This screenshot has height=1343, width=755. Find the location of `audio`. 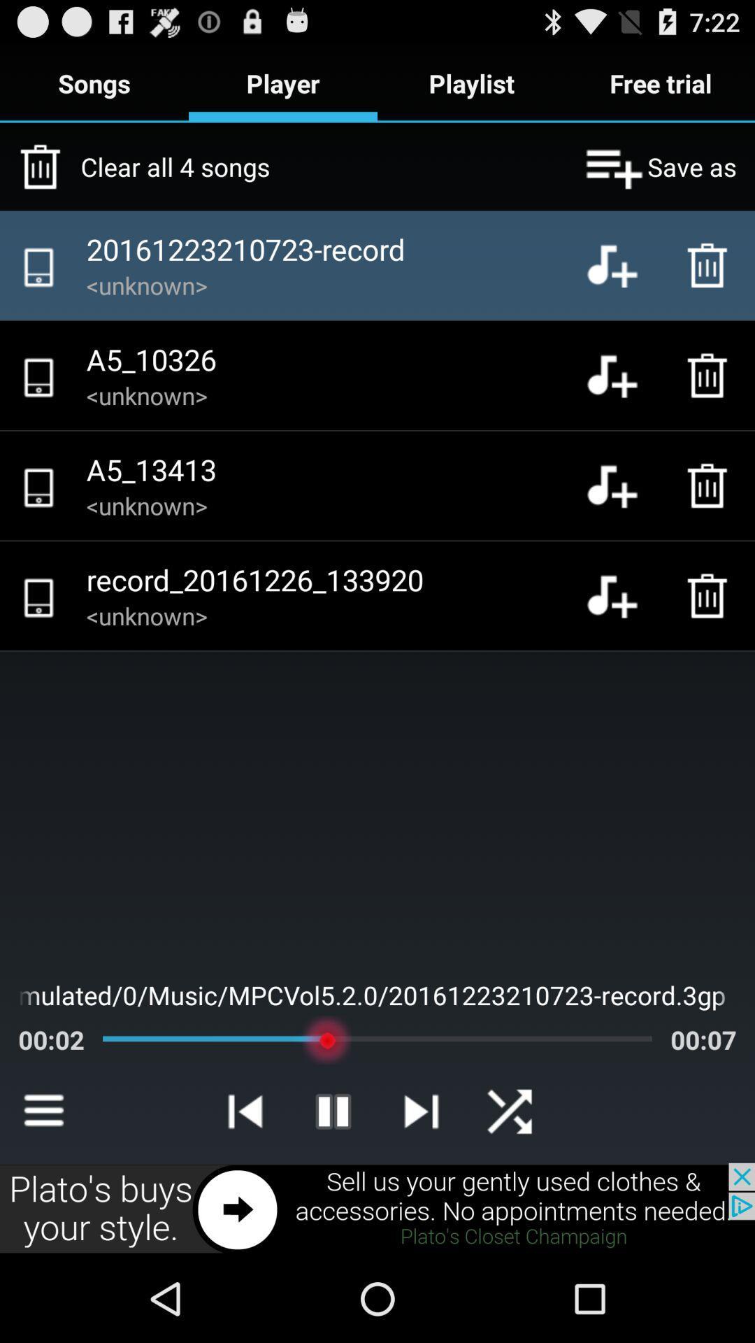

audio is located at coordinates (622, 485).